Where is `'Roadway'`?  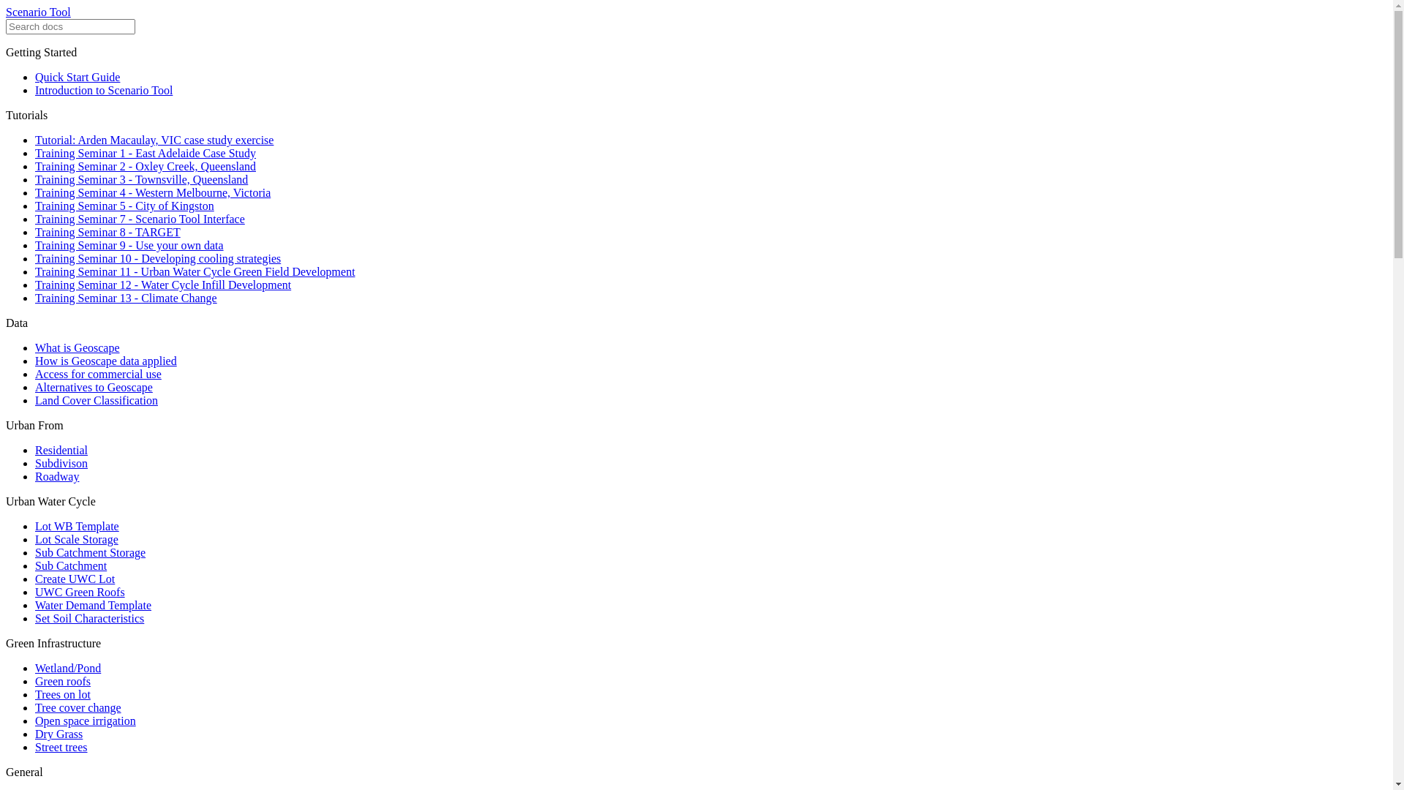
'Roadway' is located at coordinates (35, 476).